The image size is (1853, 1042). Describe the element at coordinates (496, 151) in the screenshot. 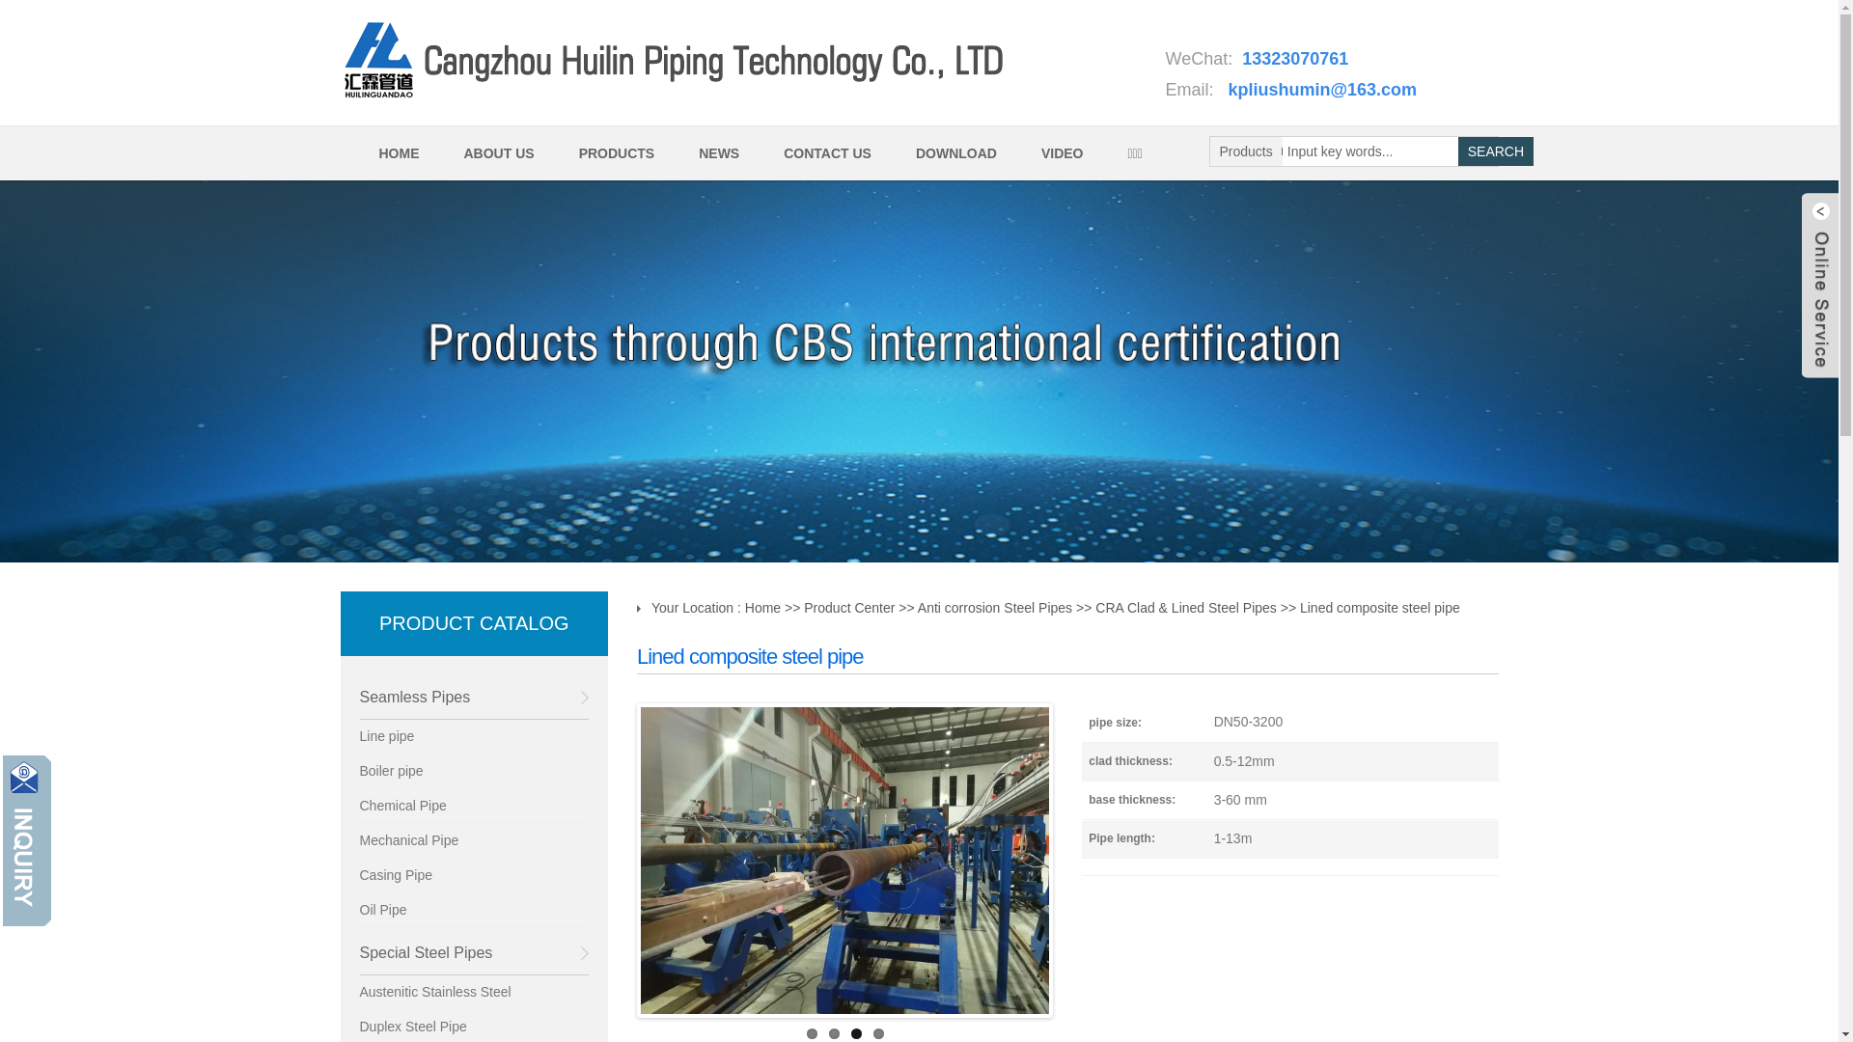

I see `'ABOUT US'` at that location.